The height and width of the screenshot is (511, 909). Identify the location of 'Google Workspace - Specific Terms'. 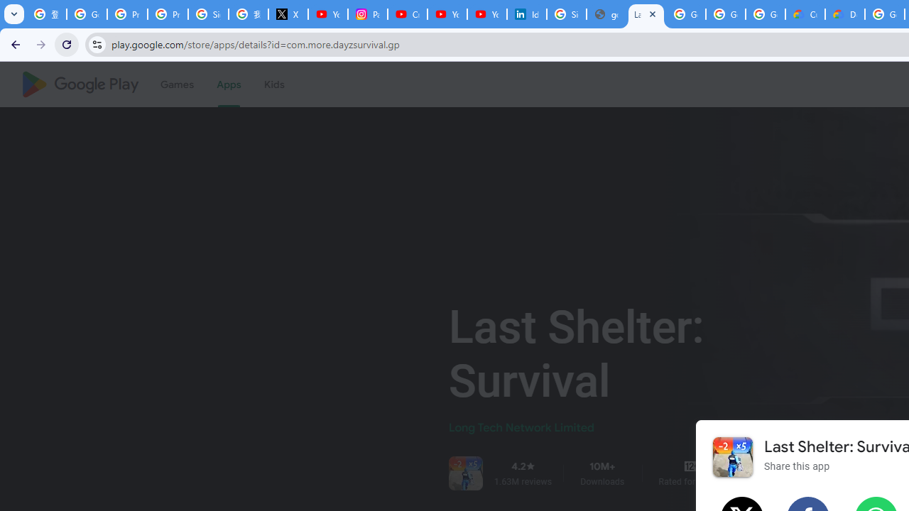
(726, 14).